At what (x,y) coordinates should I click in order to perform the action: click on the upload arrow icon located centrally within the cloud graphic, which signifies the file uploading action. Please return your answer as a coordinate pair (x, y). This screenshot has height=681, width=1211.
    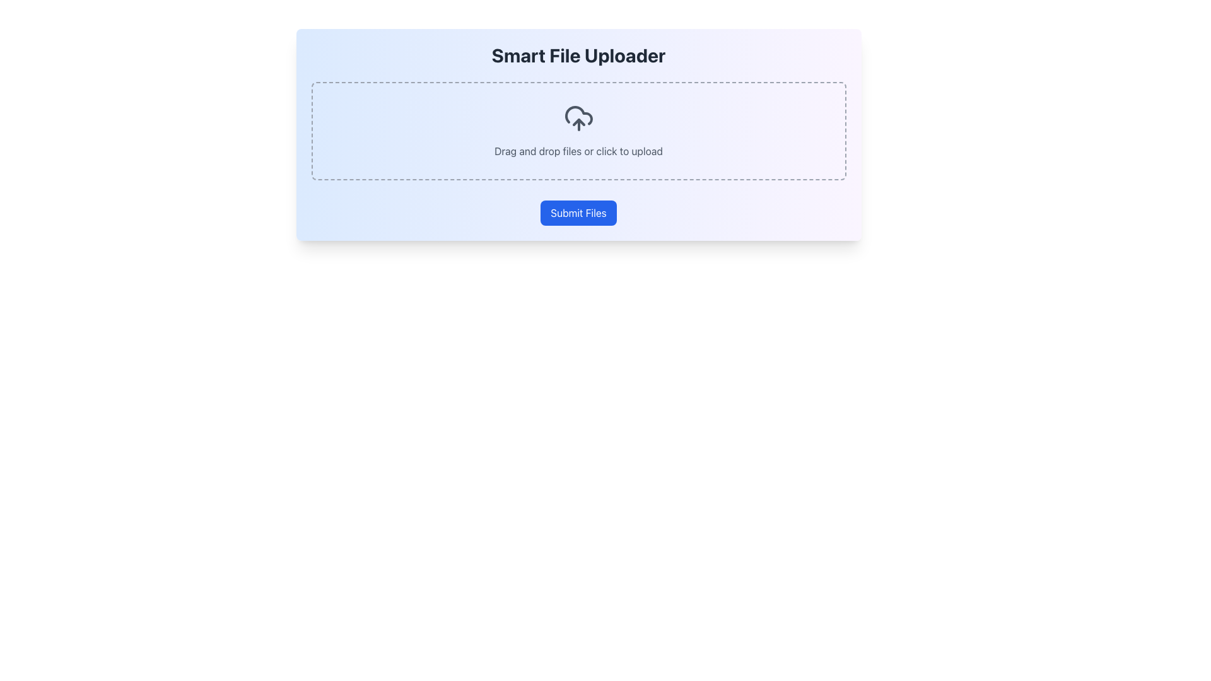
    Looking at the image, I should click on (578, 122).